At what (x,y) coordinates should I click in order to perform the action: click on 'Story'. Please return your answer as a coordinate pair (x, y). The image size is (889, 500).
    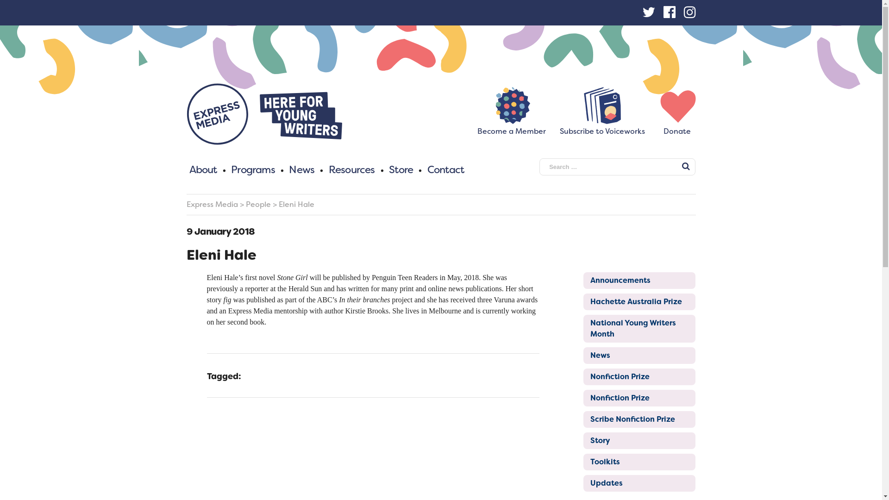
    Looking at the image, I should click on (582, 440).